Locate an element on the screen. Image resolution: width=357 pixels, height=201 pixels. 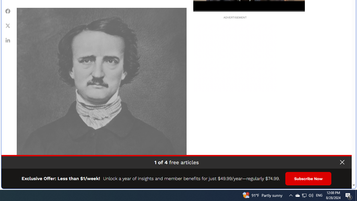
'Class: article-sharing__item' is located at coordinates (8, 40).